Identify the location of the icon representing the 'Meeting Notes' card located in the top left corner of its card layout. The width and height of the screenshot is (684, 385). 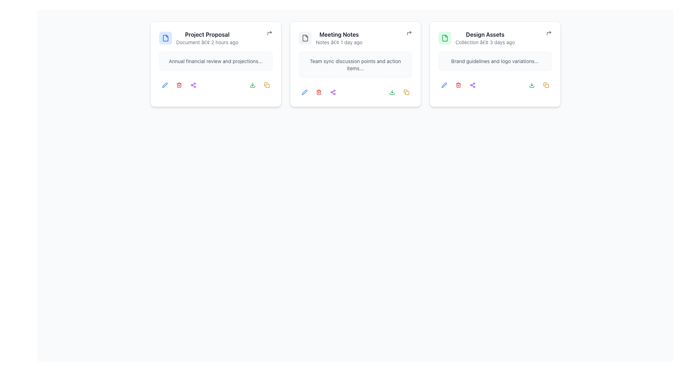
(305, 38).